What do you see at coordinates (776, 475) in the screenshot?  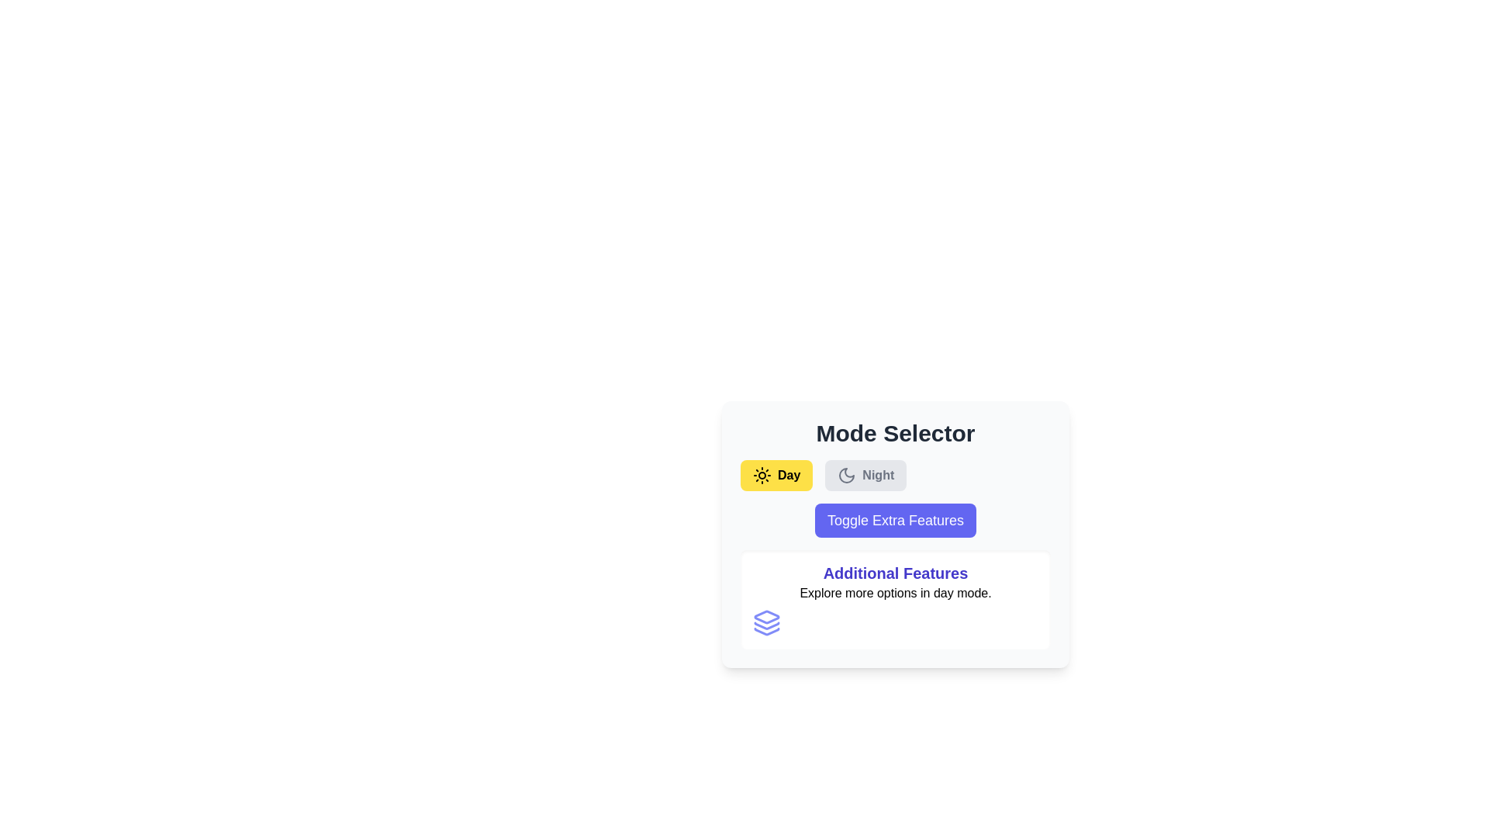 I see `the 'Day' mode button, which is located in the top-left section of the 'Mode Selector' group` at bounding box center [776, 475].